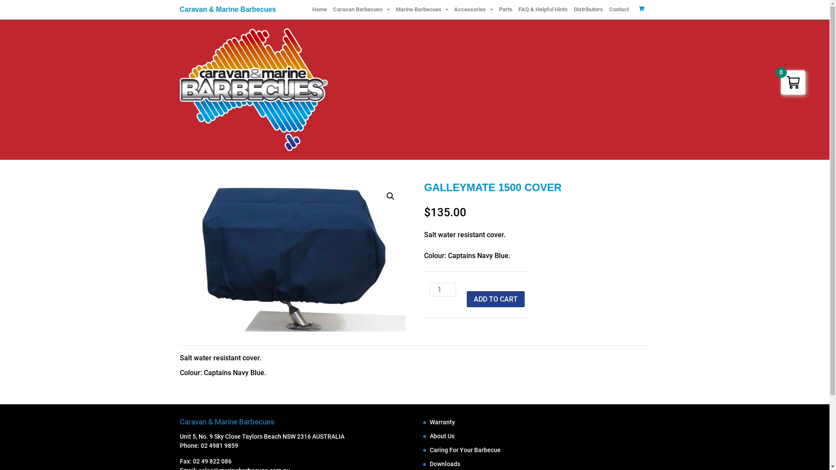  I want to click on '02 4981 9859 ', so click(219, 445).